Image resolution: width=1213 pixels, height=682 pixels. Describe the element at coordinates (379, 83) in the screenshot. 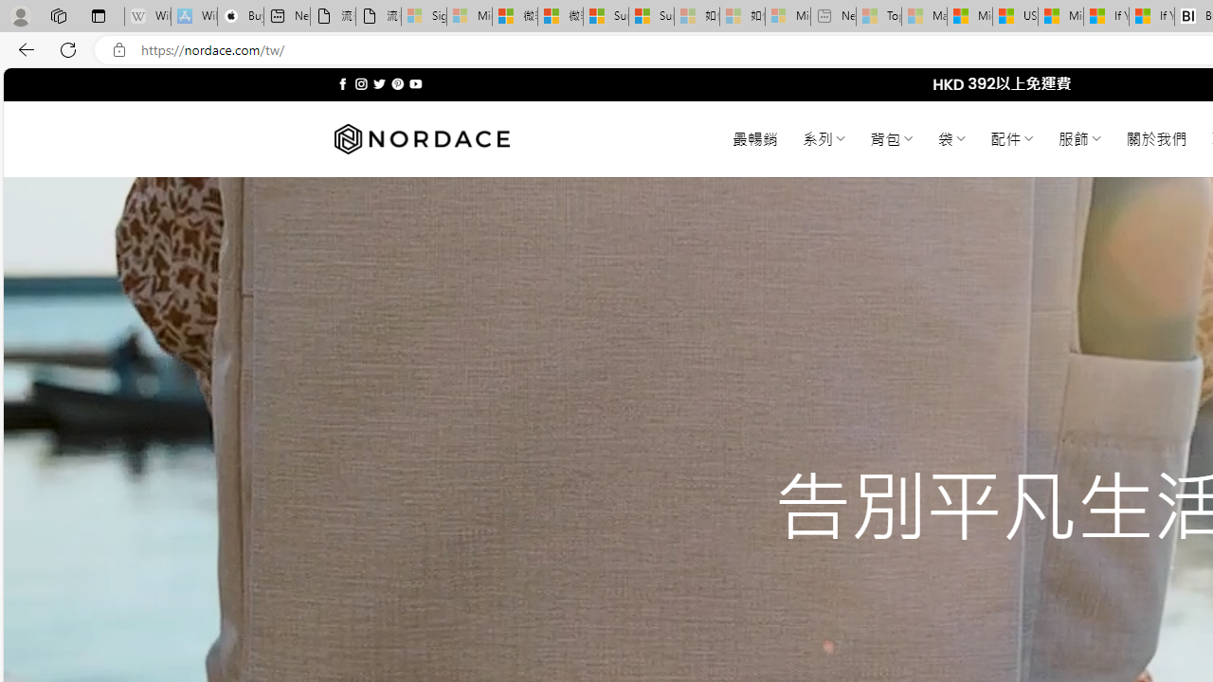

I see `'Follow on Twitter'` at that location.